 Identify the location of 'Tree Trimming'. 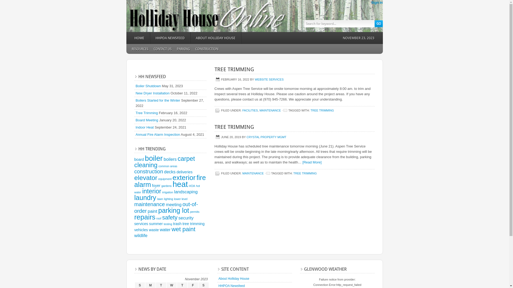
(147, 113).